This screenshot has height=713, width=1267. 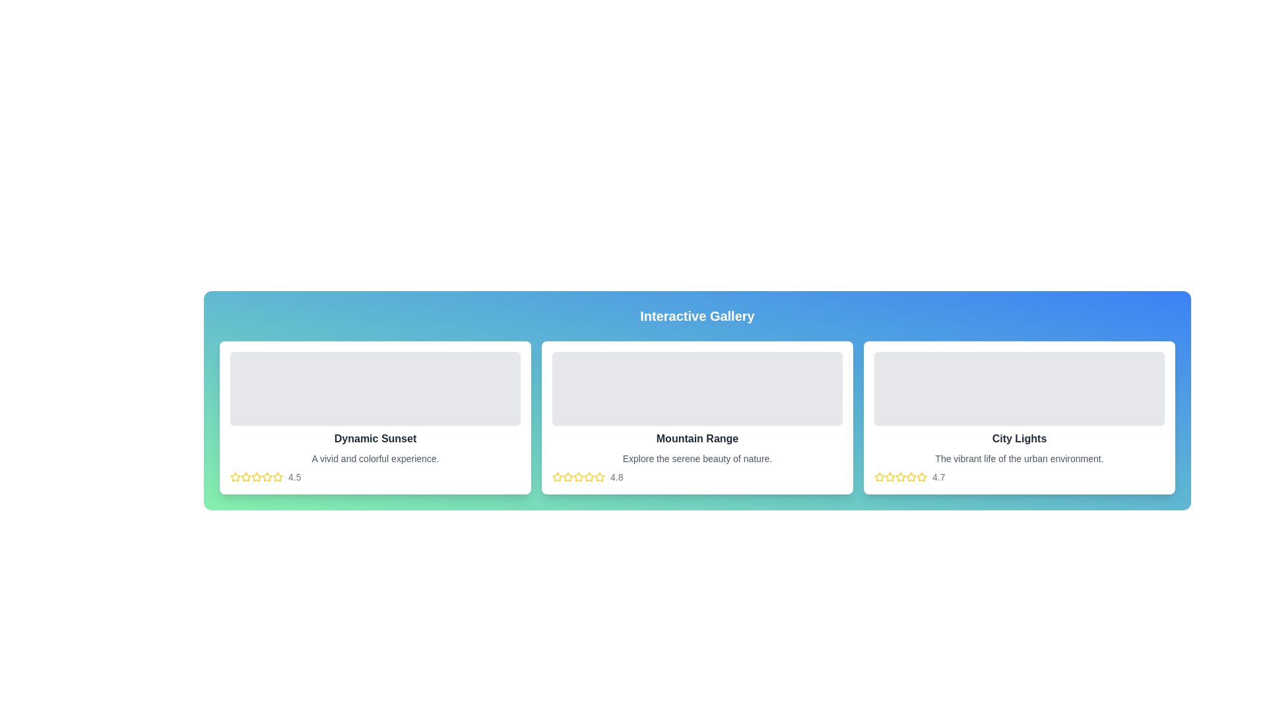 What do you see at coordinates (579, 477) in the screenshot?
I see `the fifth star in the rating system for the 'Mountain Range' card, which is positioned below the card and is directly to the right of the fourth star` at bounding box center [579, 477].